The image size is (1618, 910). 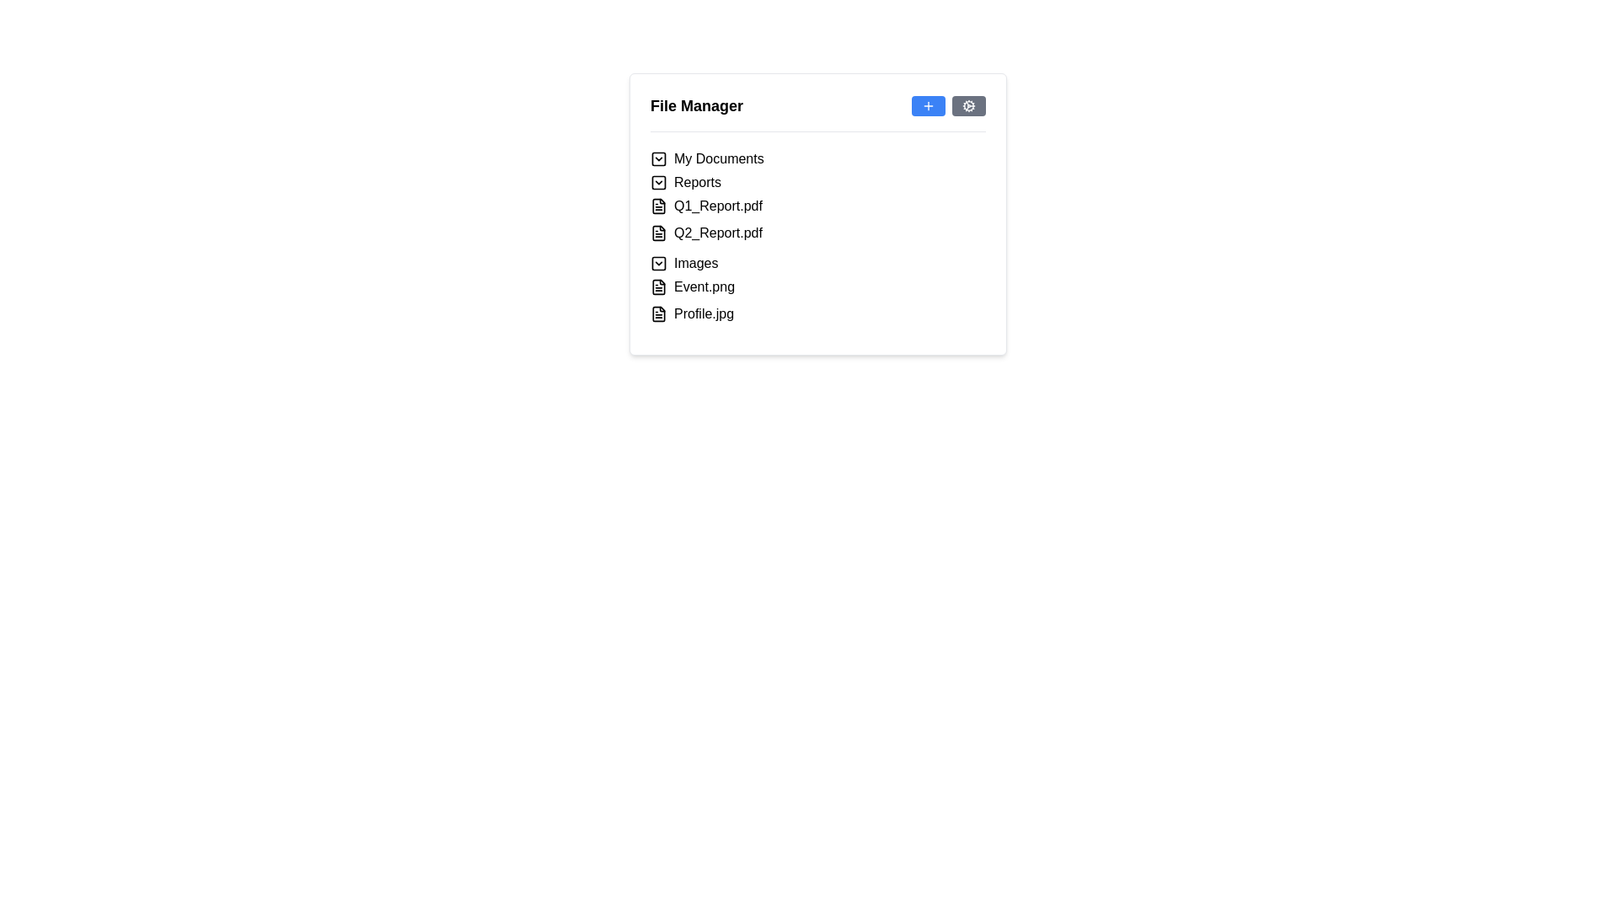 I want to click on the text label displaying 'Event.png' in black font, which is positioned between the 'Images' folder and 'Profile.jpg' file in the file manager interface, so click(x=704, y=286).